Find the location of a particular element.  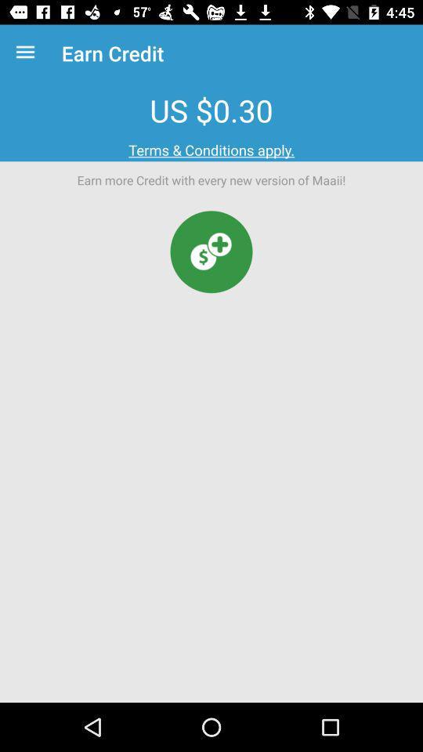

app below us $0.30 item is located at coordinates (211, 150).